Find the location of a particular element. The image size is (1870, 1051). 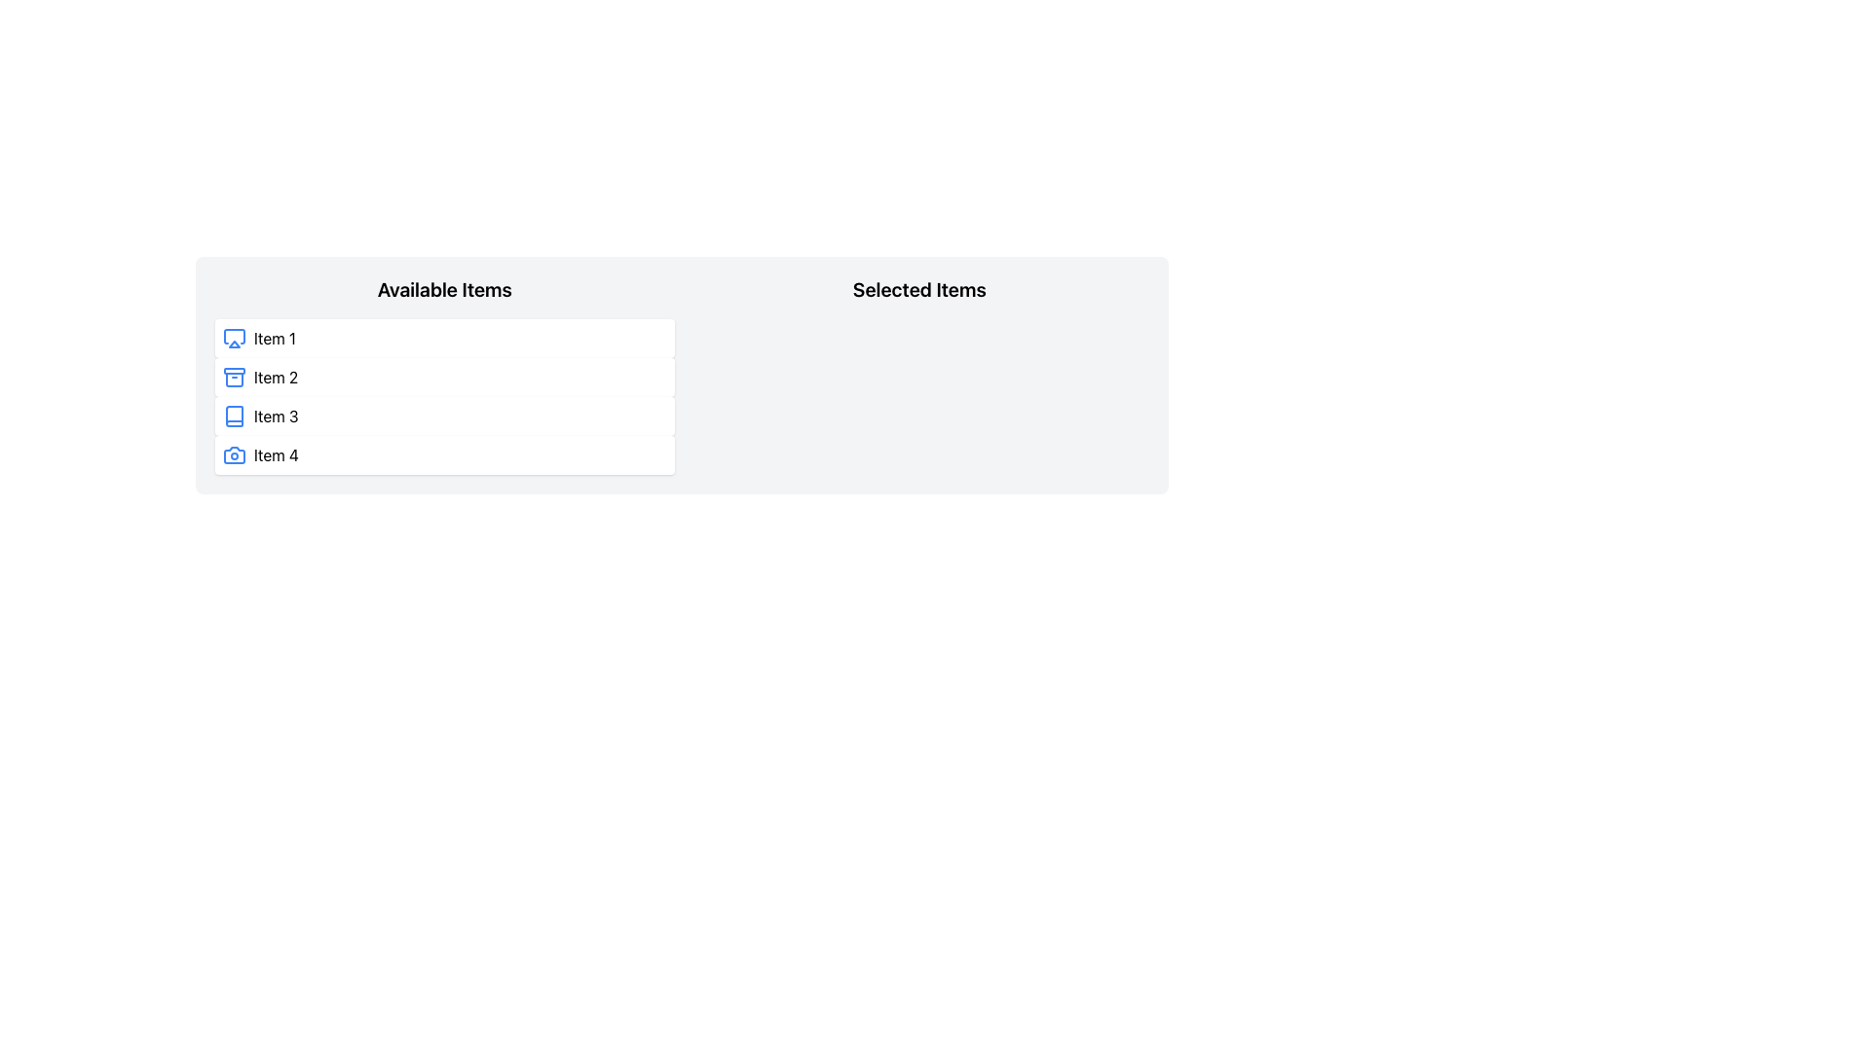

the icon representing item 4 in the 'Available Items' section is located at coordinates (234, 454).